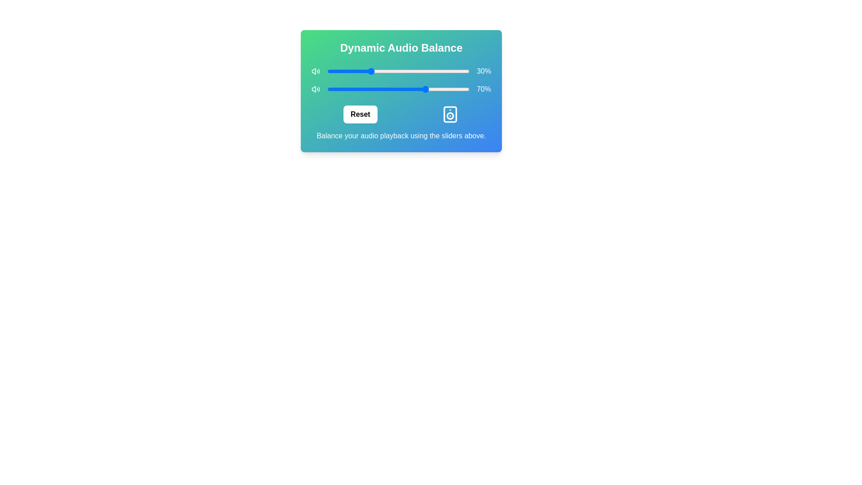 The image size is (862, 485). I want to click on the audio balance range slider track to move the thumb, which is located in the upper section of the 'Dynamic Audio Balance' card interface, horizontally aligned with the label '30%', so click(400, 71).